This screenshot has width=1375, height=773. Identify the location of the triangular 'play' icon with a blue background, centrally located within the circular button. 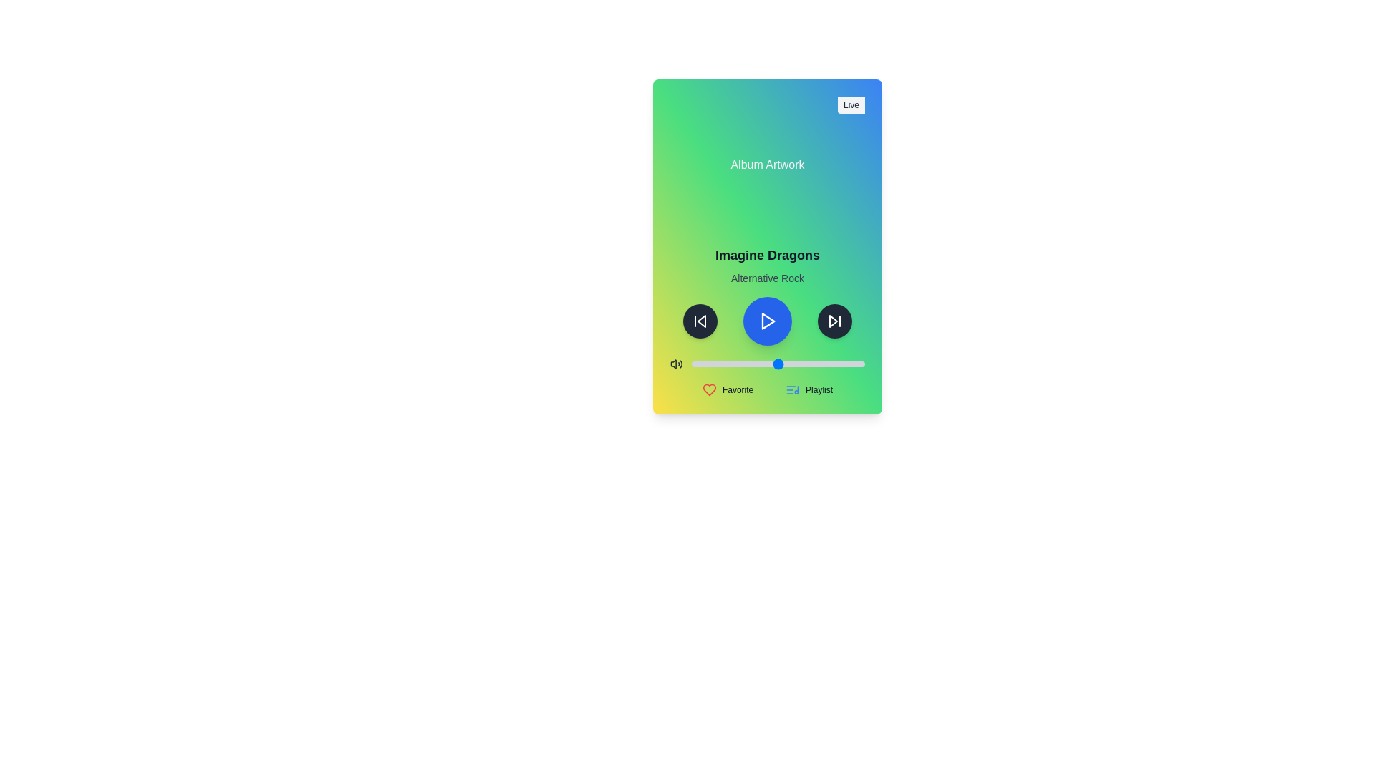
(768, 320).